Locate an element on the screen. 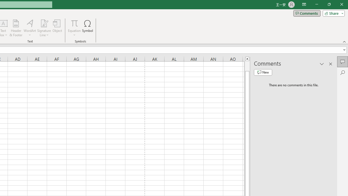 This screenshot has height=196, width=348. 'Equation' is located at coordinates (74, 23).